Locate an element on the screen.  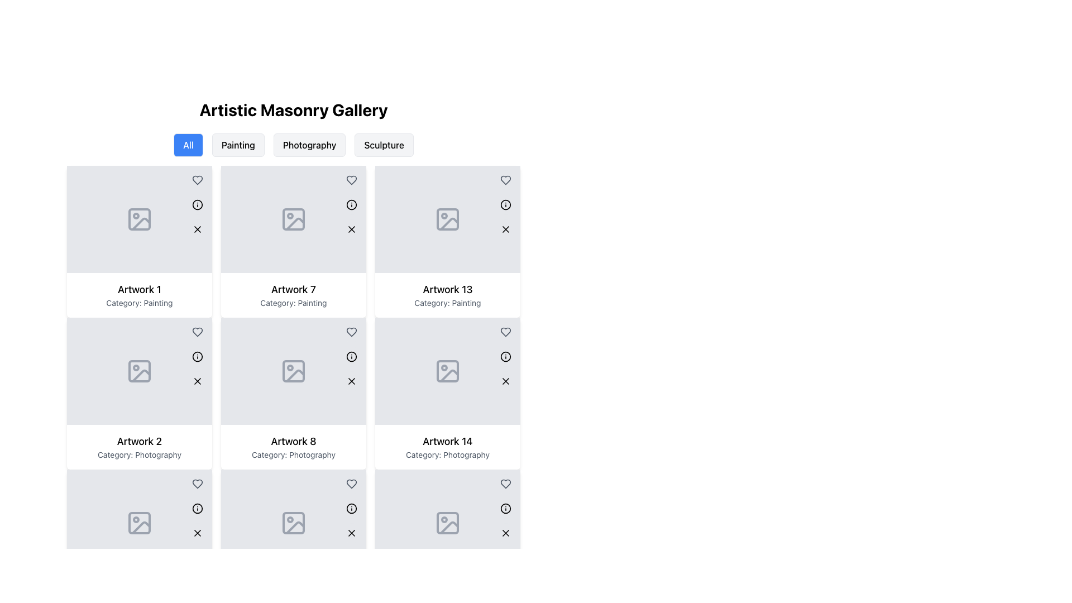
the 'X' icon button located at the top-right corner of the 'Artwork 2: Category Photography' card to initiate its function is located at coordinates (198, 380).